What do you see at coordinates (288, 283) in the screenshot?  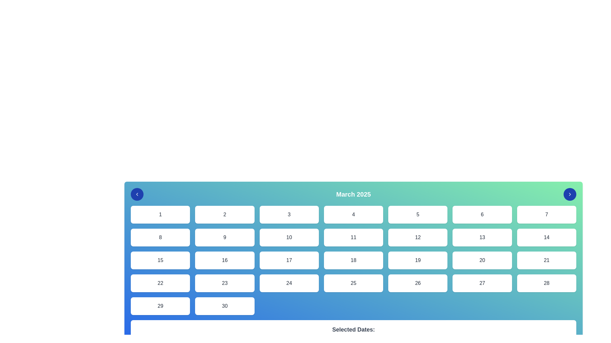 I see `the button representing the 24th date in the calendar interface` at bounding box center [288, 283].